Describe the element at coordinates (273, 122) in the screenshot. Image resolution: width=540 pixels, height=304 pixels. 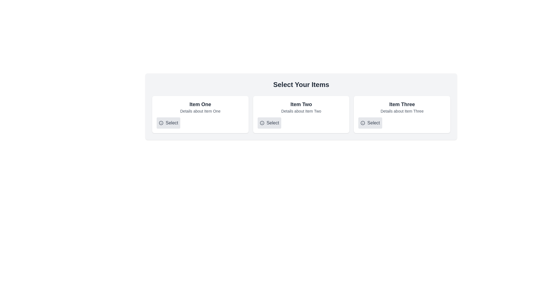
I see `the text label displaying 'Select', which is part of a button-like structure with a light gray background, located to the right of an information icon` at that location.